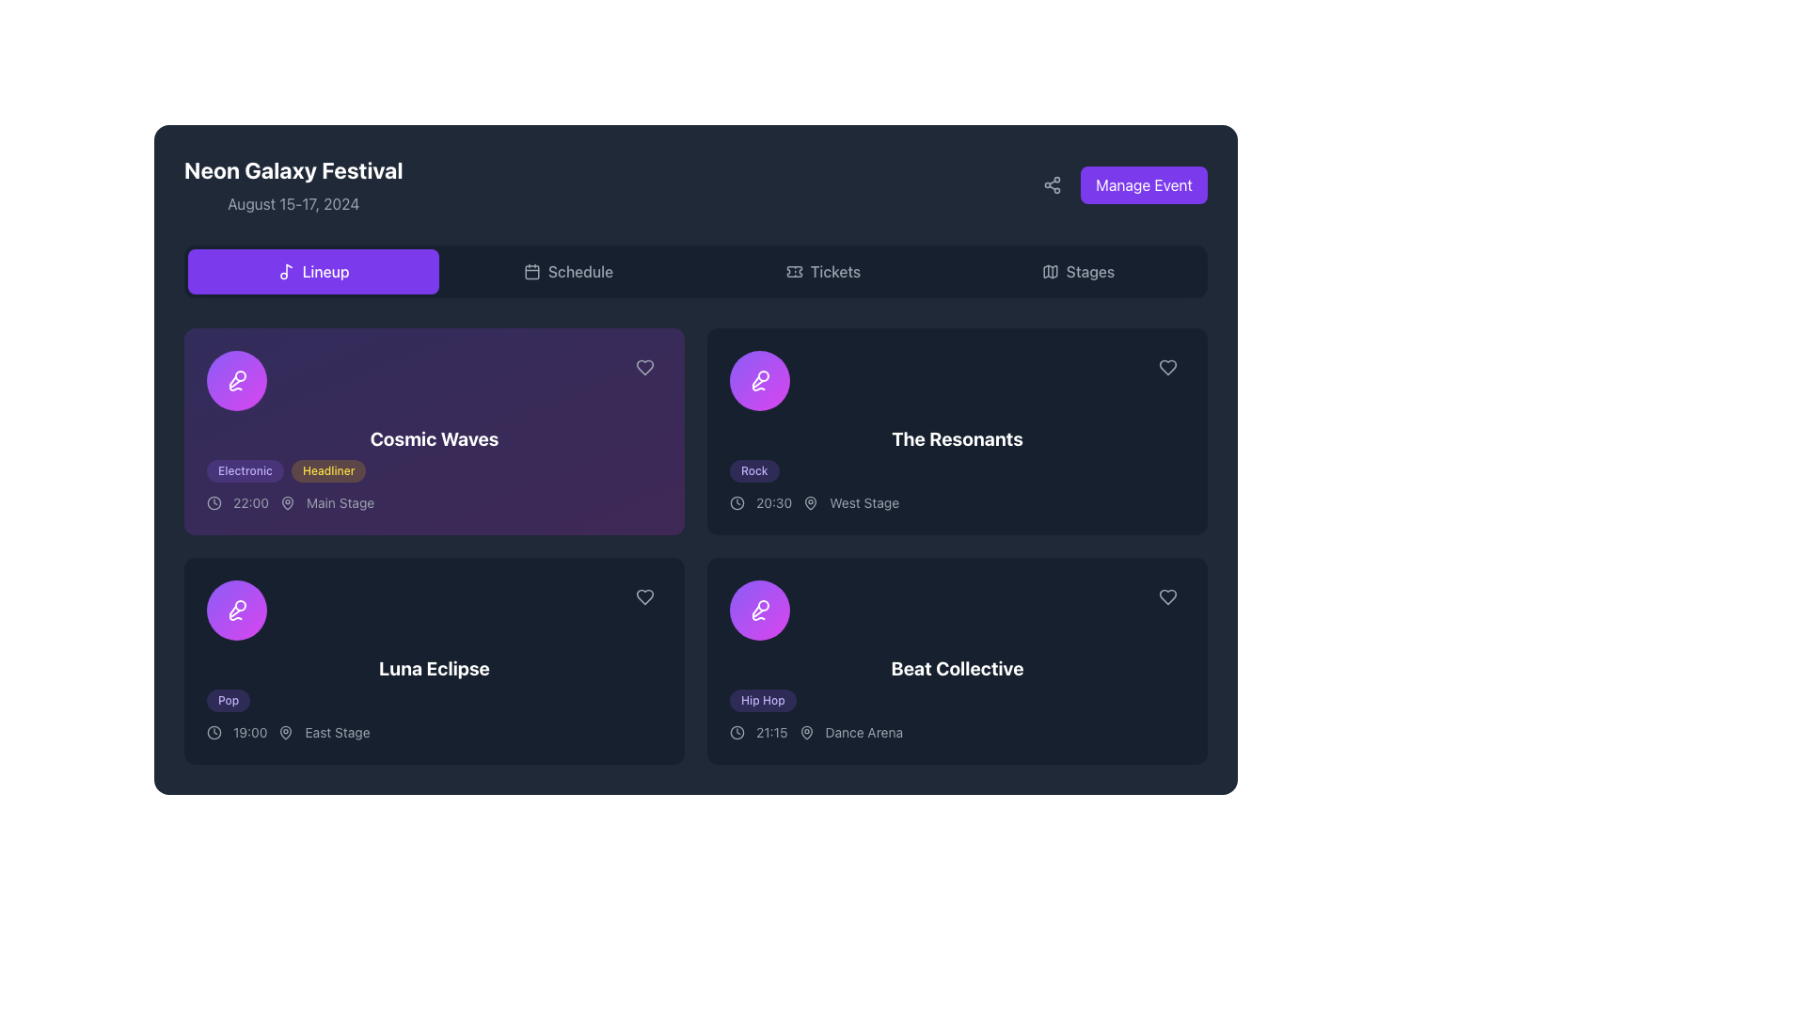 The height and width of the screenshot is (1016, 1806). I want to click on the design of the microphone icon with a white outline set against a circular purple gradient-filled background, located in the top-left corner of 'The Resonants' schedule entry, so click(759, 610).